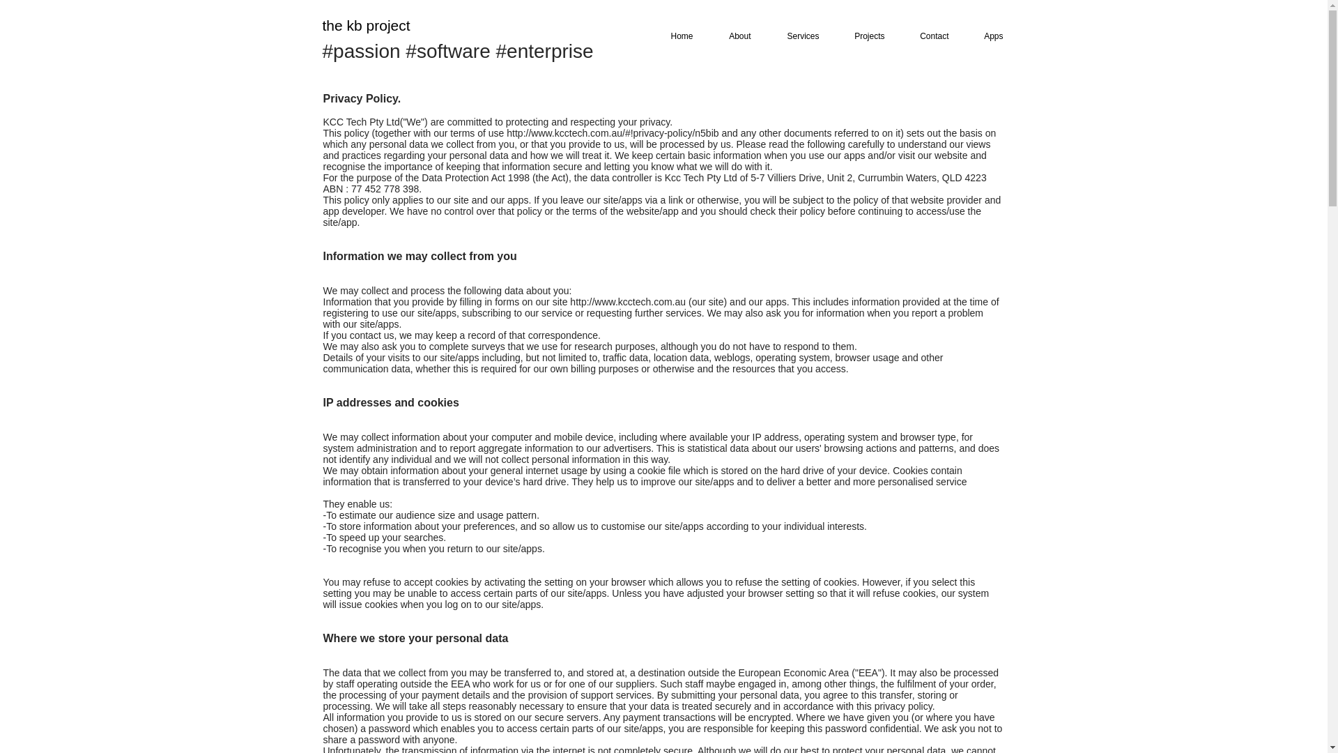 The height and width of the screenshot is (753, 1338). What do you see at coordinates (862, 36) in the screenshot?
I see `'Projects'` at bounding box center [862, 36].